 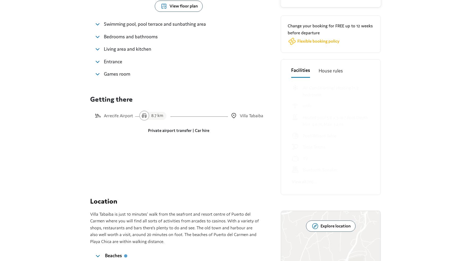 What do you see at coordinates (166, 227) in the screenshot?
I see `'Sitemap'` at bounding box center [166, 227].